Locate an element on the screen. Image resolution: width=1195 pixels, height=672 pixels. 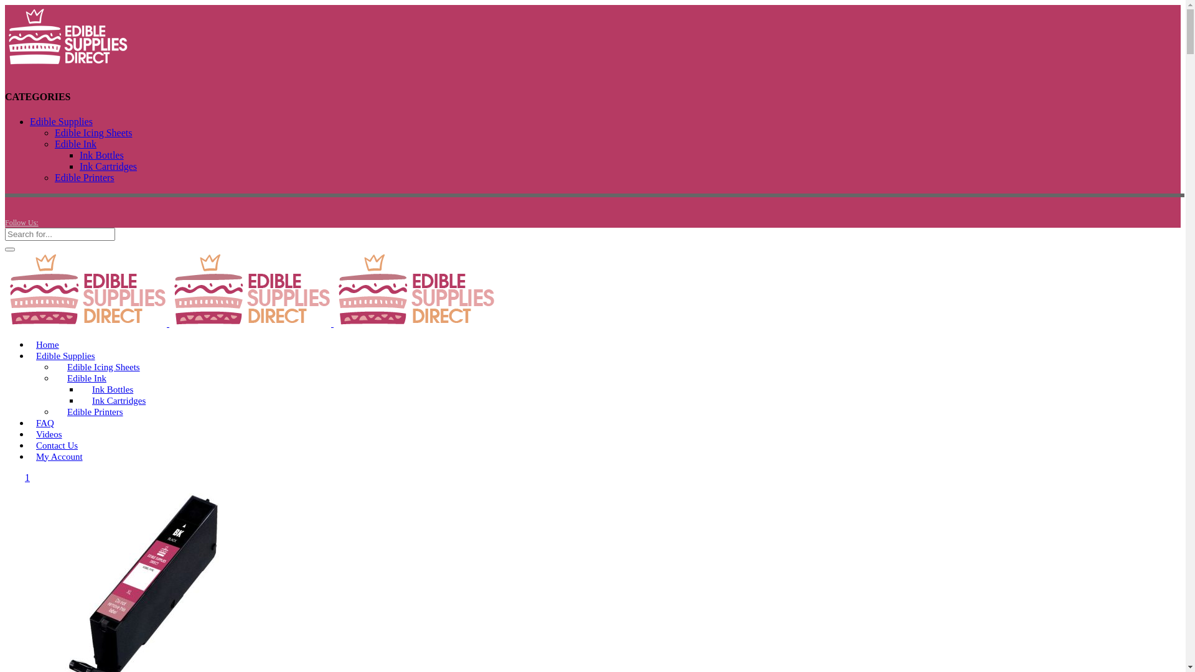
'My Account' is located at coordinates (59, 456).